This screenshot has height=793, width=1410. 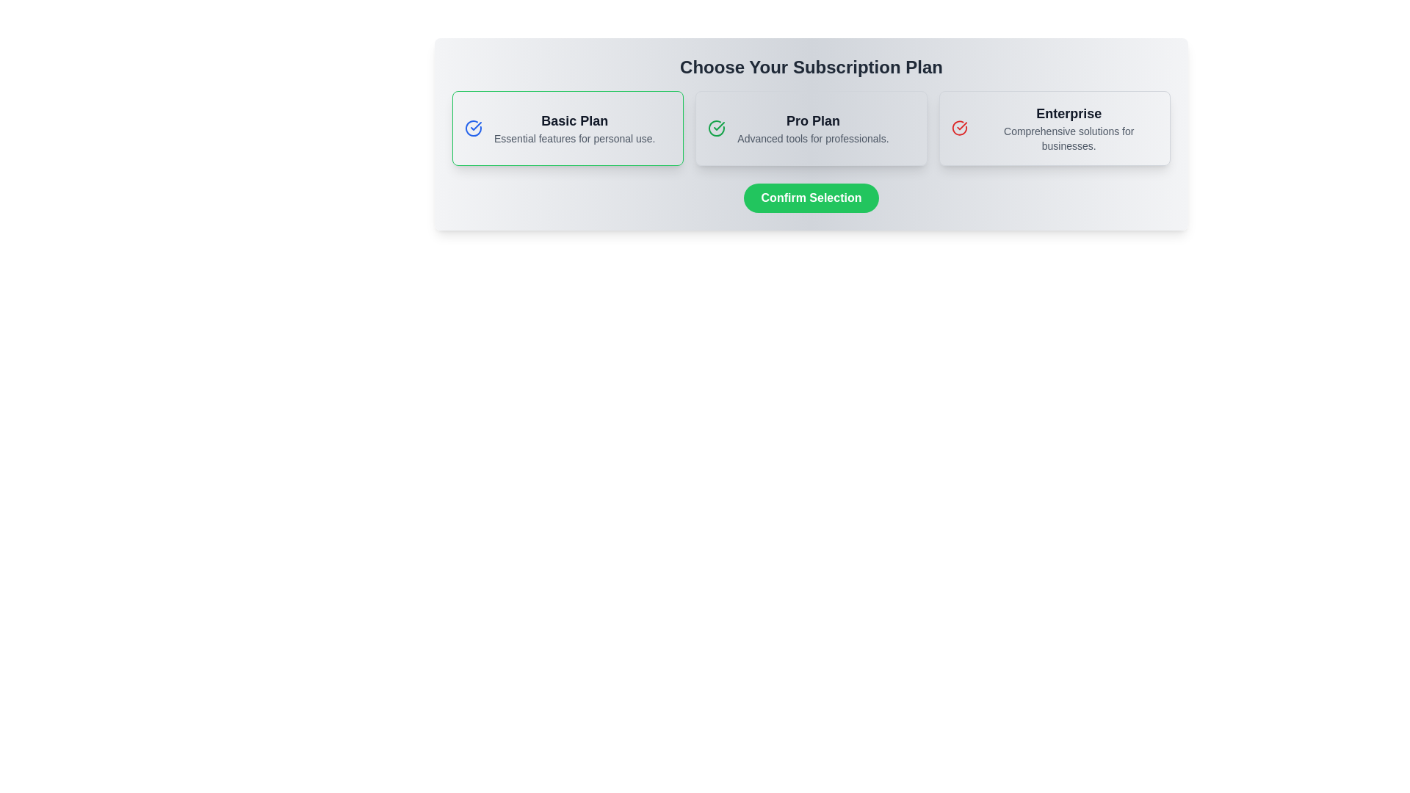 What do you see at coordinates (810, 198) in the screenshot?
I see `the confirmation button for the subscription plan` at bounding box center [810, 198].